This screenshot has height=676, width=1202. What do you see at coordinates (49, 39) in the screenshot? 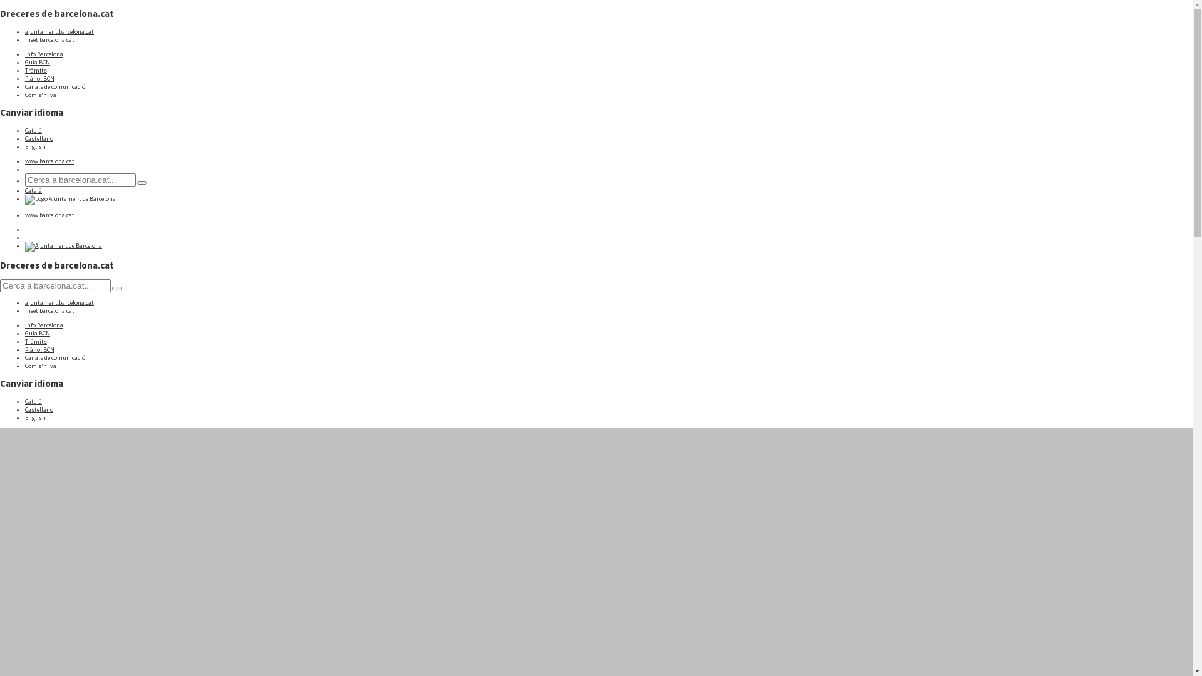
I see `'meet.barcelona.cat'` at bounding box center [49, 39].